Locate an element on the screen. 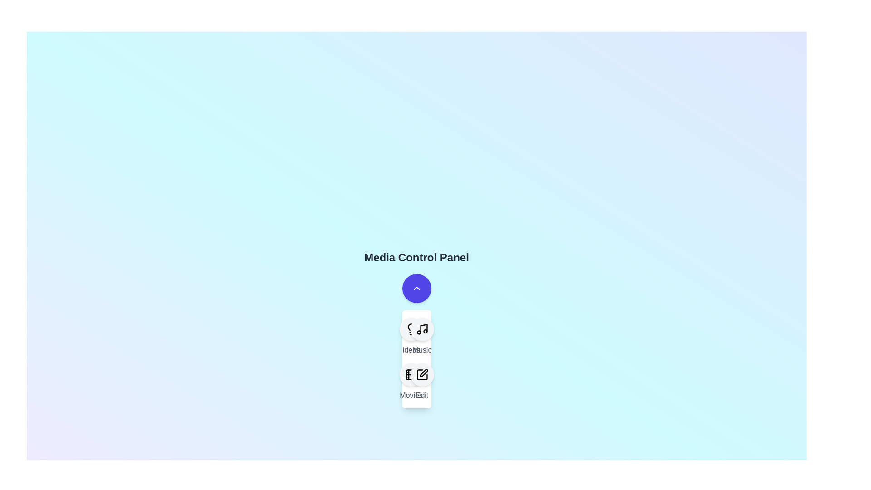  the menu item labeled Music is located at coordinates (421, 336).